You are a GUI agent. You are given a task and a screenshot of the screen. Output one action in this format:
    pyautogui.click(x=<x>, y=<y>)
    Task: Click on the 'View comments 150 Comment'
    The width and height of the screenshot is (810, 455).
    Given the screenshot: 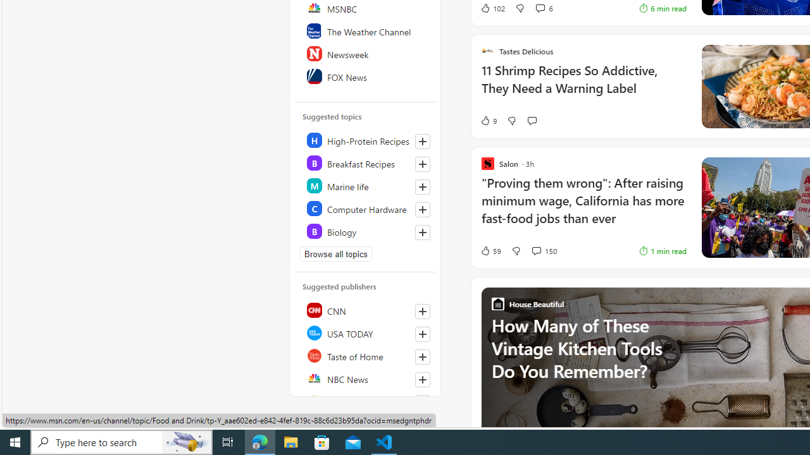 What is the action you would take?
    pyautogui.click(x=544, y=251)
    